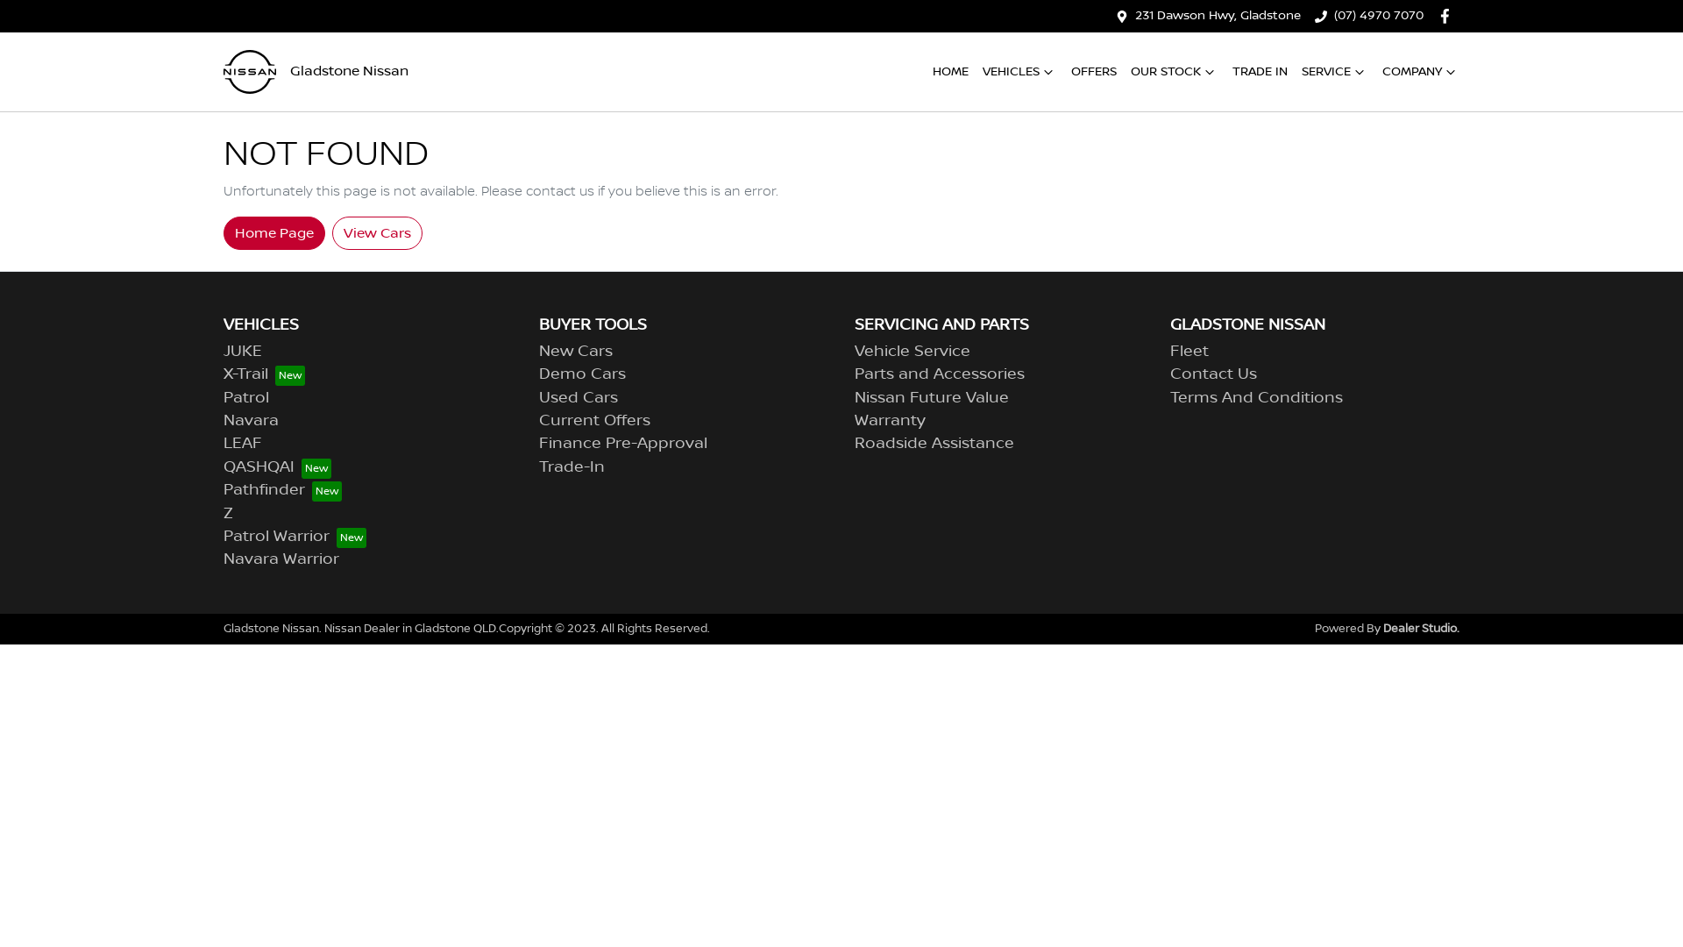 This screenshot has width=1683, height=947. Describe the element at coordinates (295, 536) in the screenshot. I see `'Patrol Warrior'` at that location.